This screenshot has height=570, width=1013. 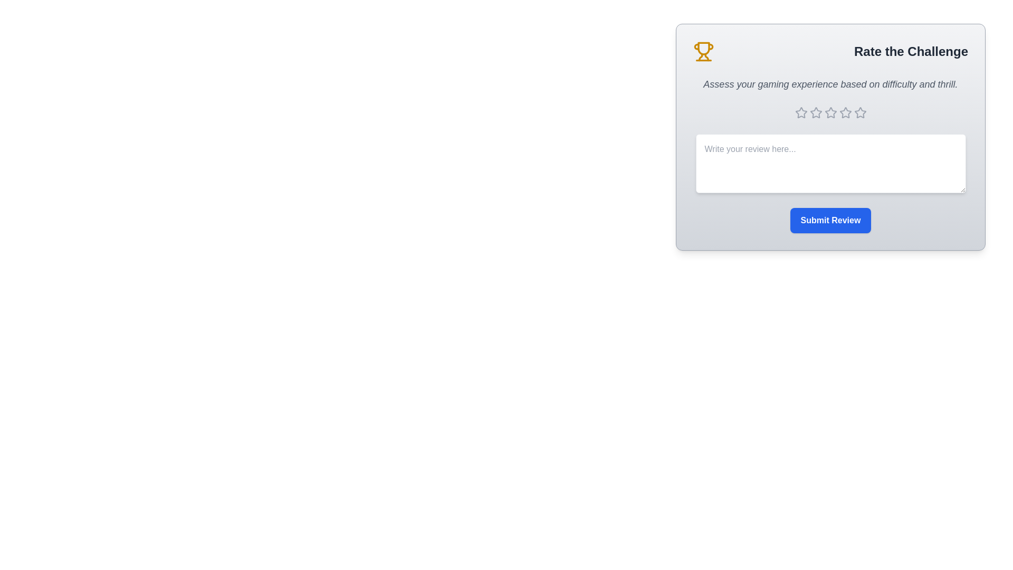 What do you see at coordinates (801, 112) in the screenshot?
I see `the star corresponding to the desired rating 1` at bounding box center [801, 112].